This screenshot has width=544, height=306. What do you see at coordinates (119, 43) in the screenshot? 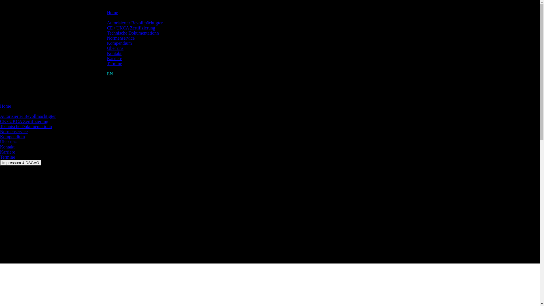
I see `'Kompendium'` at bounding box center [119, 43].